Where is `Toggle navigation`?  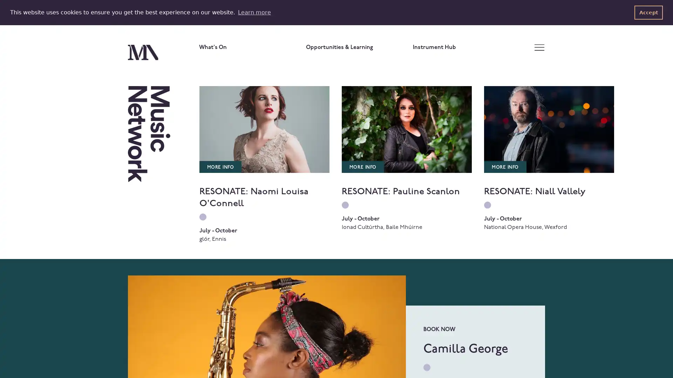
Toggle navigation is located at coordinates (539, 47).